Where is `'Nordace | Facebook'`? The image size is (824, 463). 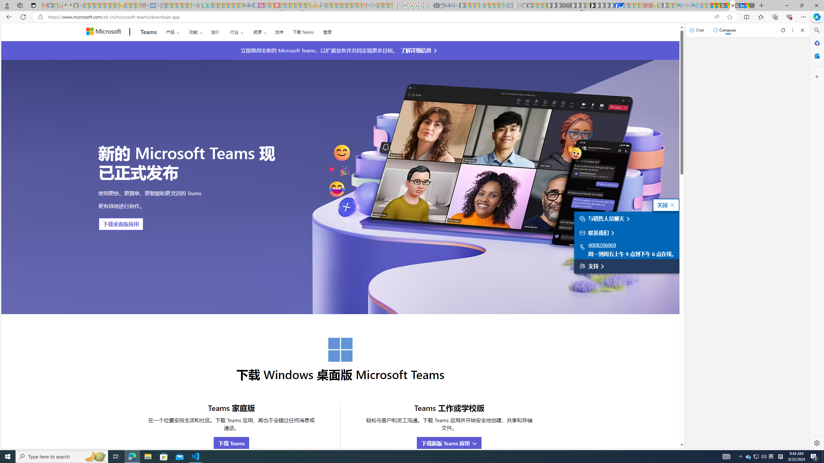
'Nordace | Facebook' is located at coordinates (616, 5).